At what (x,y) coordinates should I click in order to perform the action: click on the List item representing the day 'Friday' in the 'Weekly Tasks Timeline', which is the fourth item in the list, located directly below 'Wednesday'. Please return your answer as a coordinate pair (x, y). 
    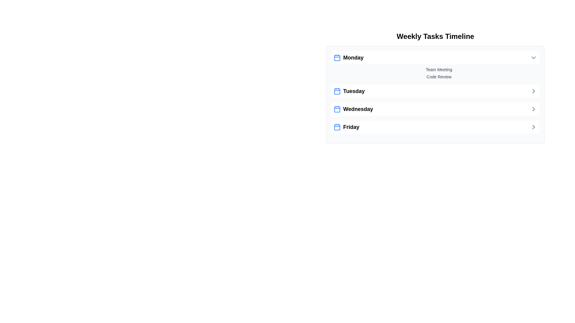
    Looking at the image, I should click on (346, 127).